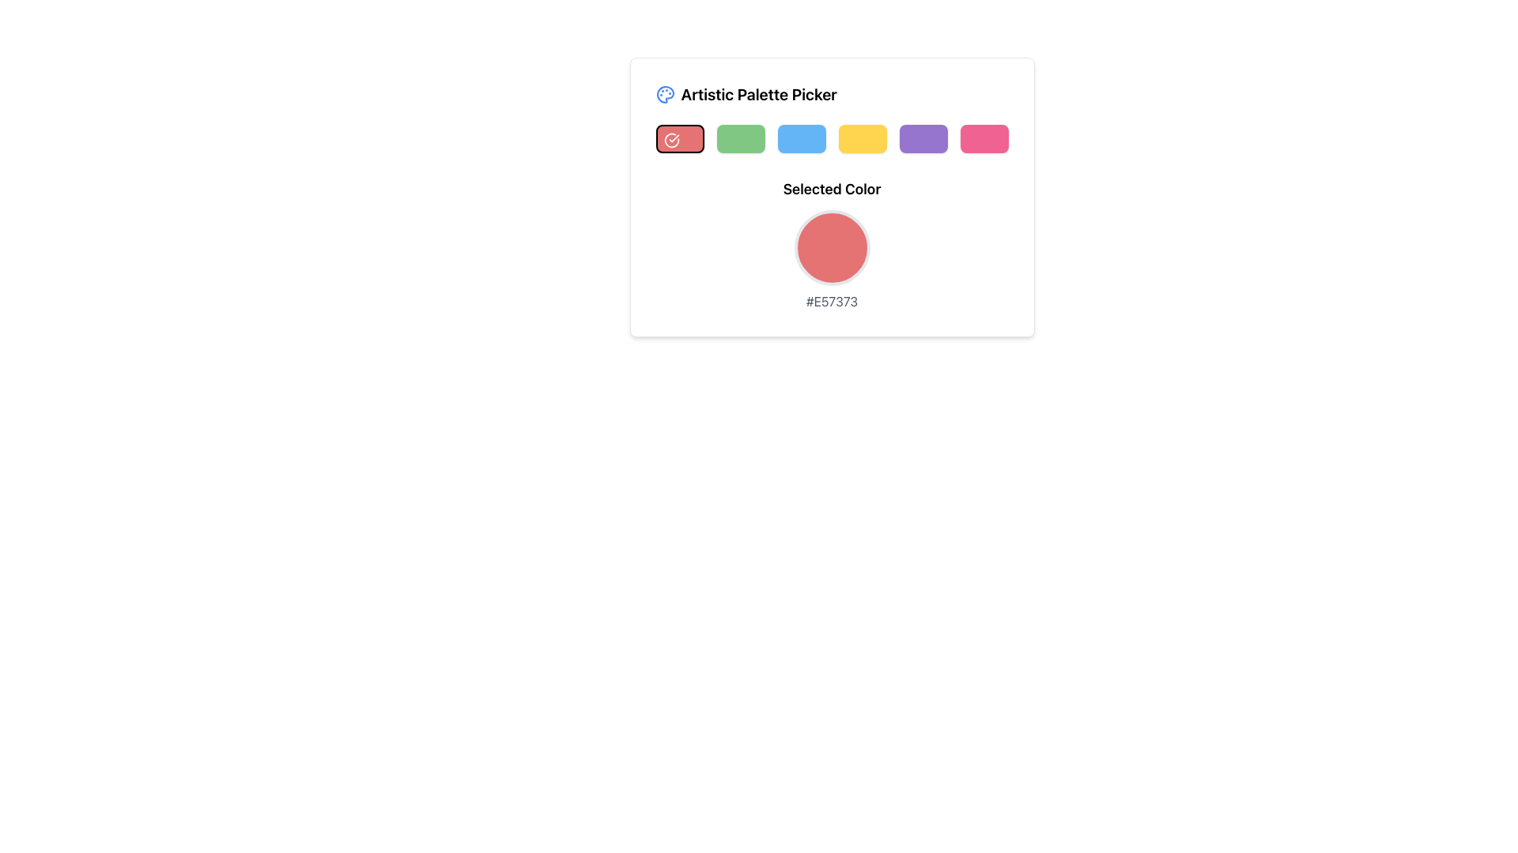 Image resolution: width=1518 pixels, height=853 pixels. I want to click on the sixth color option button in the palette picker interface, so click(983, 138).